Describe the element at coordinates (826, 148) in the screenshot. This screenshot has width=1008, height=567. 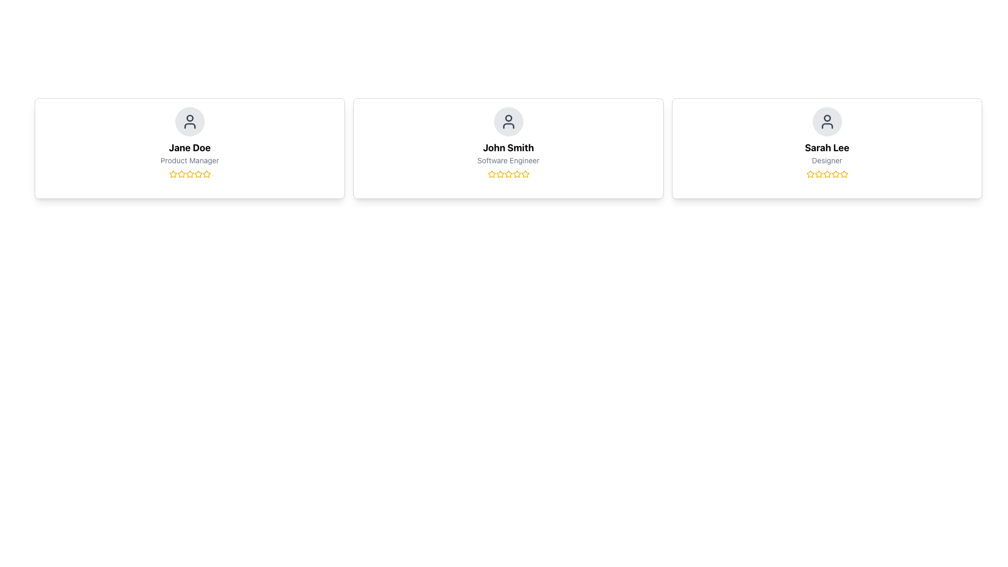
I see `the text label displaying the name 'Sarah Lee' which is centrally located within its card, positioned below an avatar icon and above a smaller 'Designer' label` at that location.